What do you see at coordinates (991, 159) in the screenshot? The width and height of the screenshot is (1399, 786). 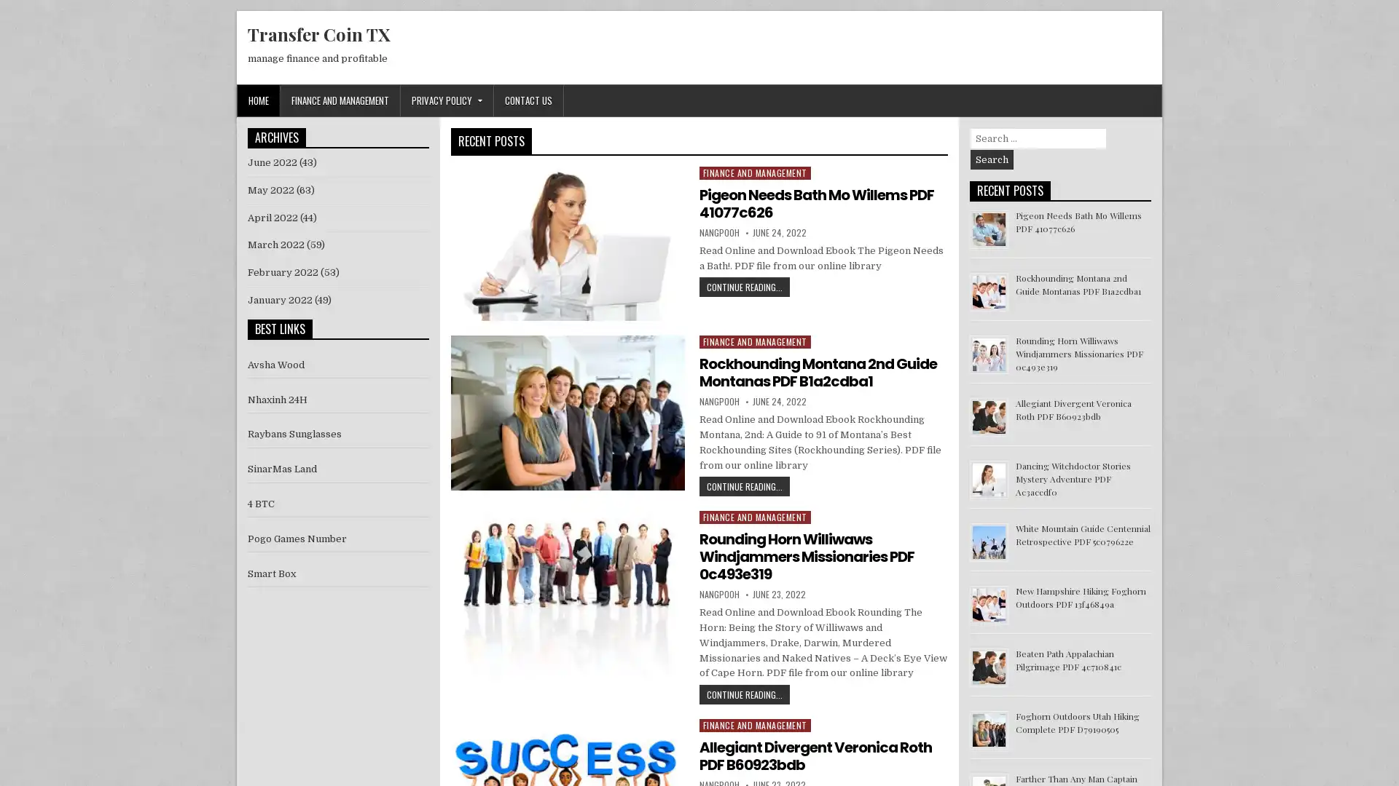 I see `Search` at bounding box center [991, 159].